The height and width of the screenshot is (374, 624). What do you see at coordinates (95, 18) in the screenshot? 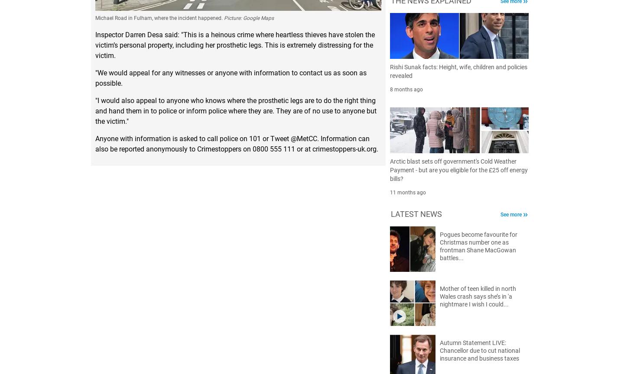
I see `'Michael Road in Fulham, where the incident happened.'` at bounding box center [95, 18].